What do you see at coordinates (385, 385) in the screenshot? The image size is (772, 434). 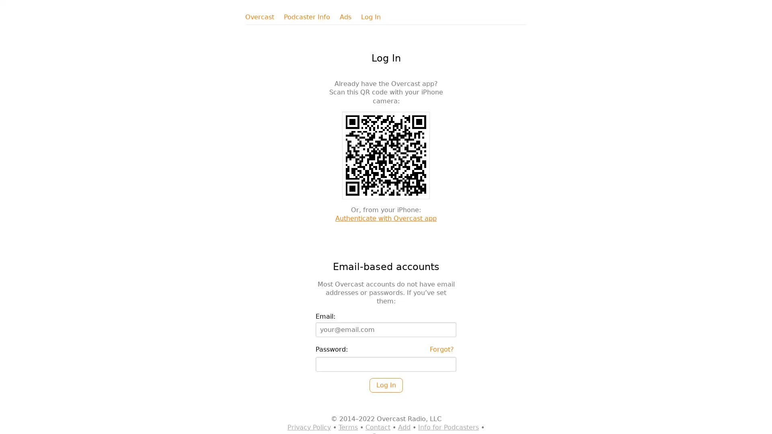 I see `Log In` at bounding box center [385, 385].